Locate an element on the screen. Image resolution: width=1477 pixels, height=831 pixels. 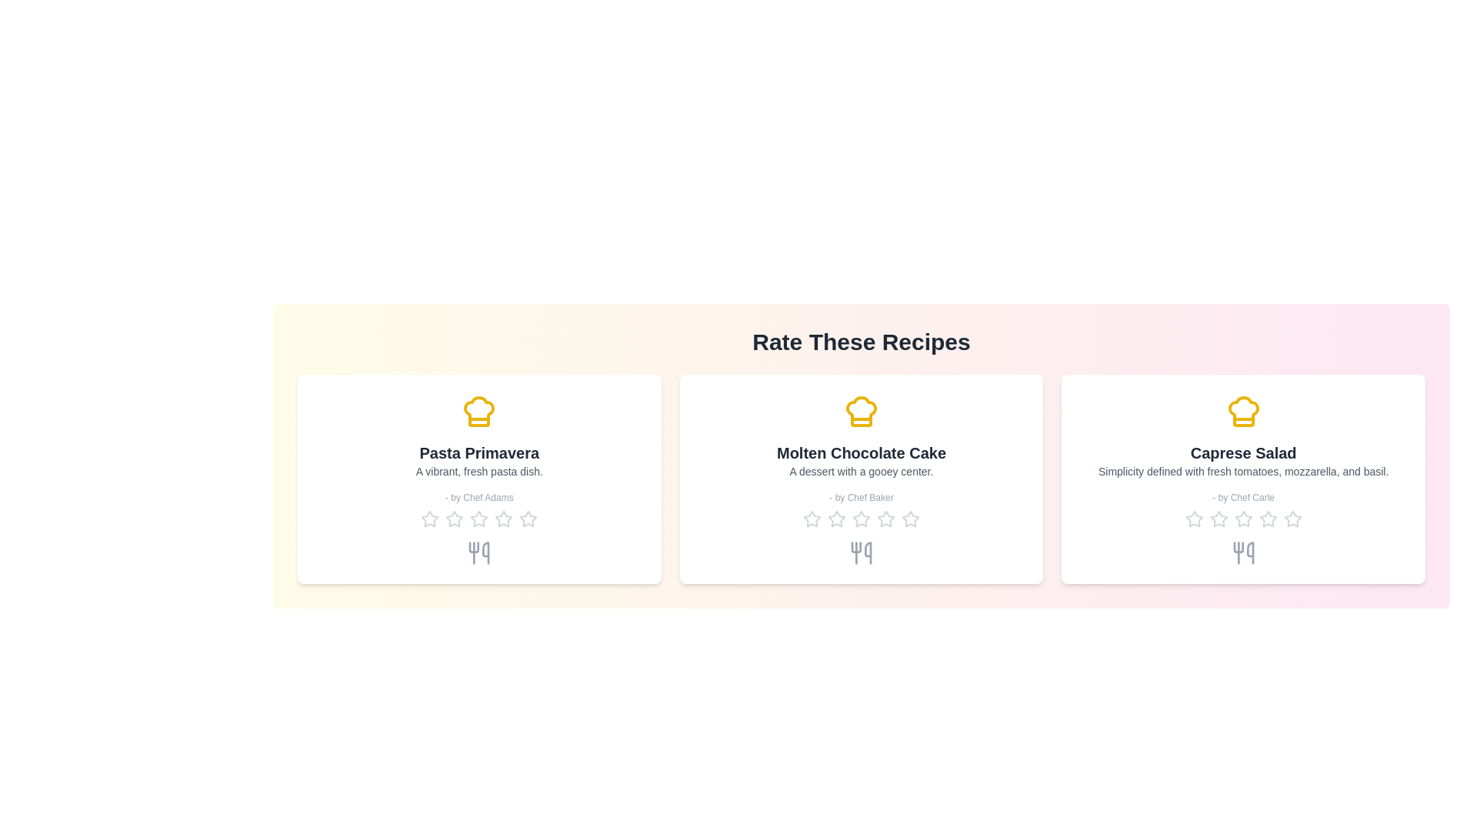
the Pasta Primavera recipe card to observe its hover effect is located at coordinates (478, 479).